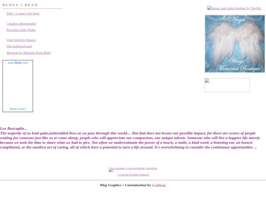  I want to click on 'flick', so click(17, 63).